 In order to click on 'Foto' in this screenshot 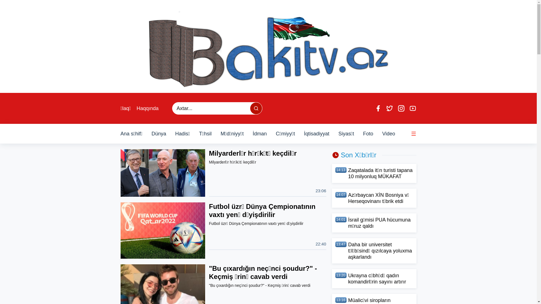, I will do `click(368, 133)`.